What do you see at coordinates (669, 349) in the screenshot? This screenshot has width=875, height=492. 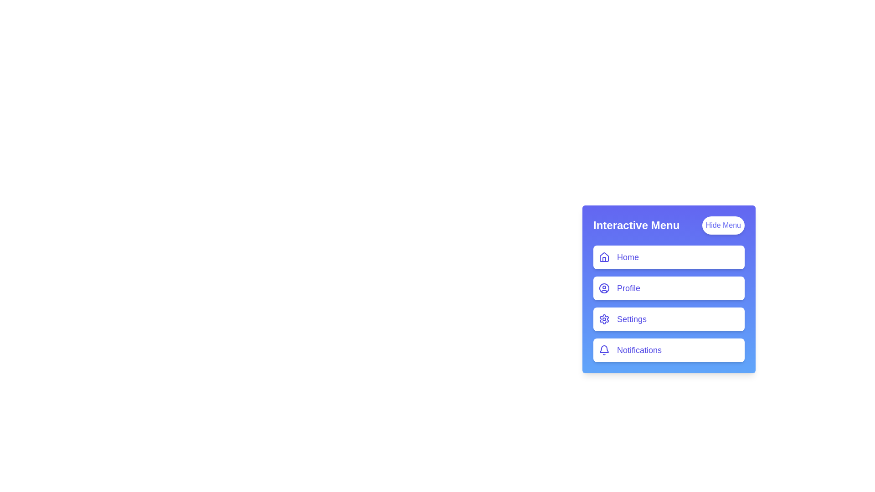 I see `the menu item Notifications` at bounding box center [669, 349].